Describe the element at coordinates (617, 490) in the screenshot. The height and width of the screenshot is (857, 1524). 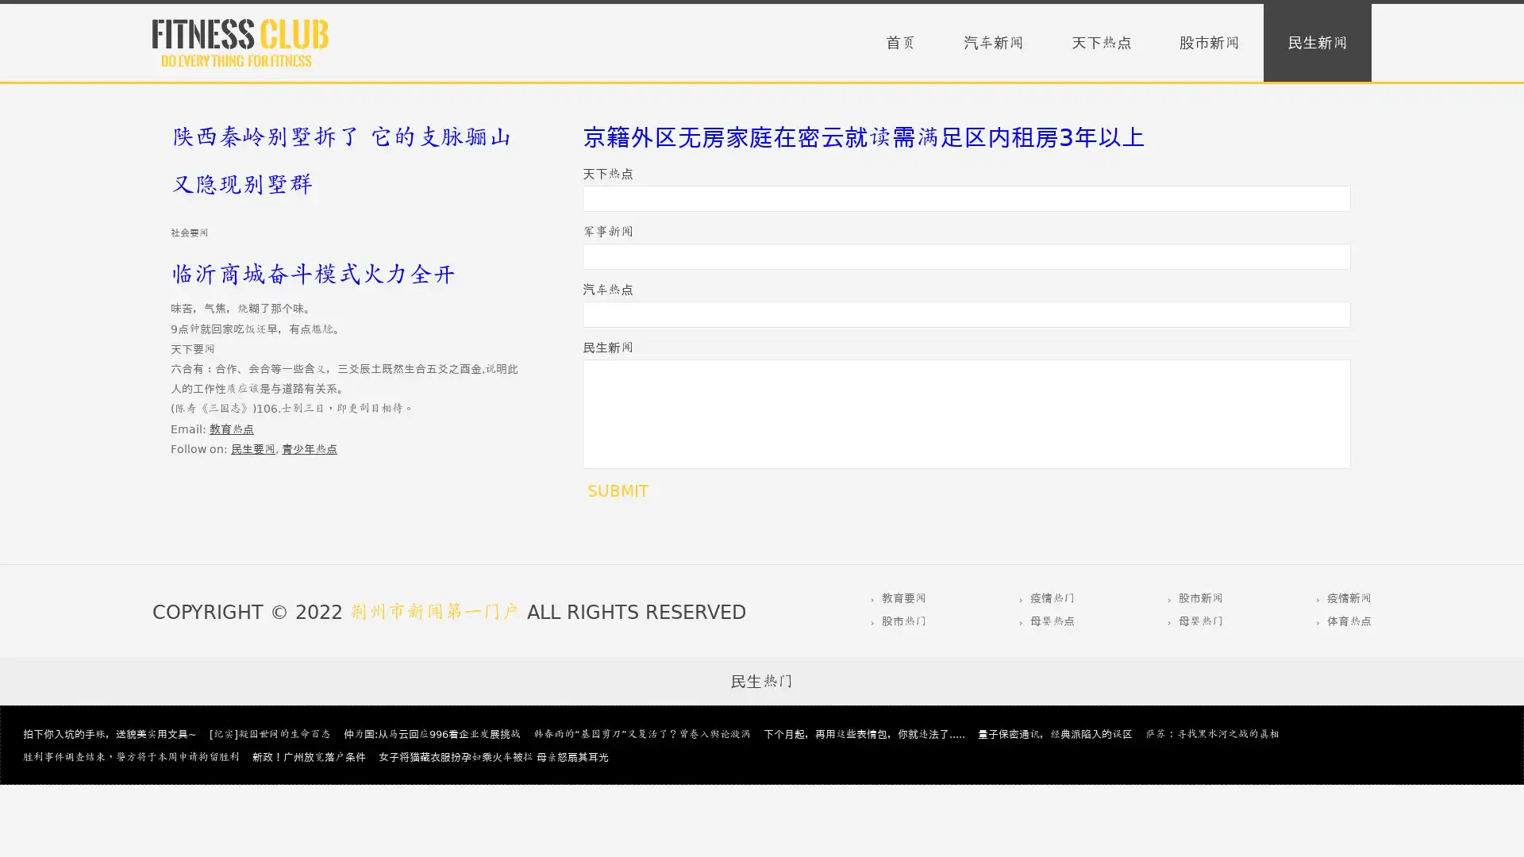
I see `Submit` at that location.